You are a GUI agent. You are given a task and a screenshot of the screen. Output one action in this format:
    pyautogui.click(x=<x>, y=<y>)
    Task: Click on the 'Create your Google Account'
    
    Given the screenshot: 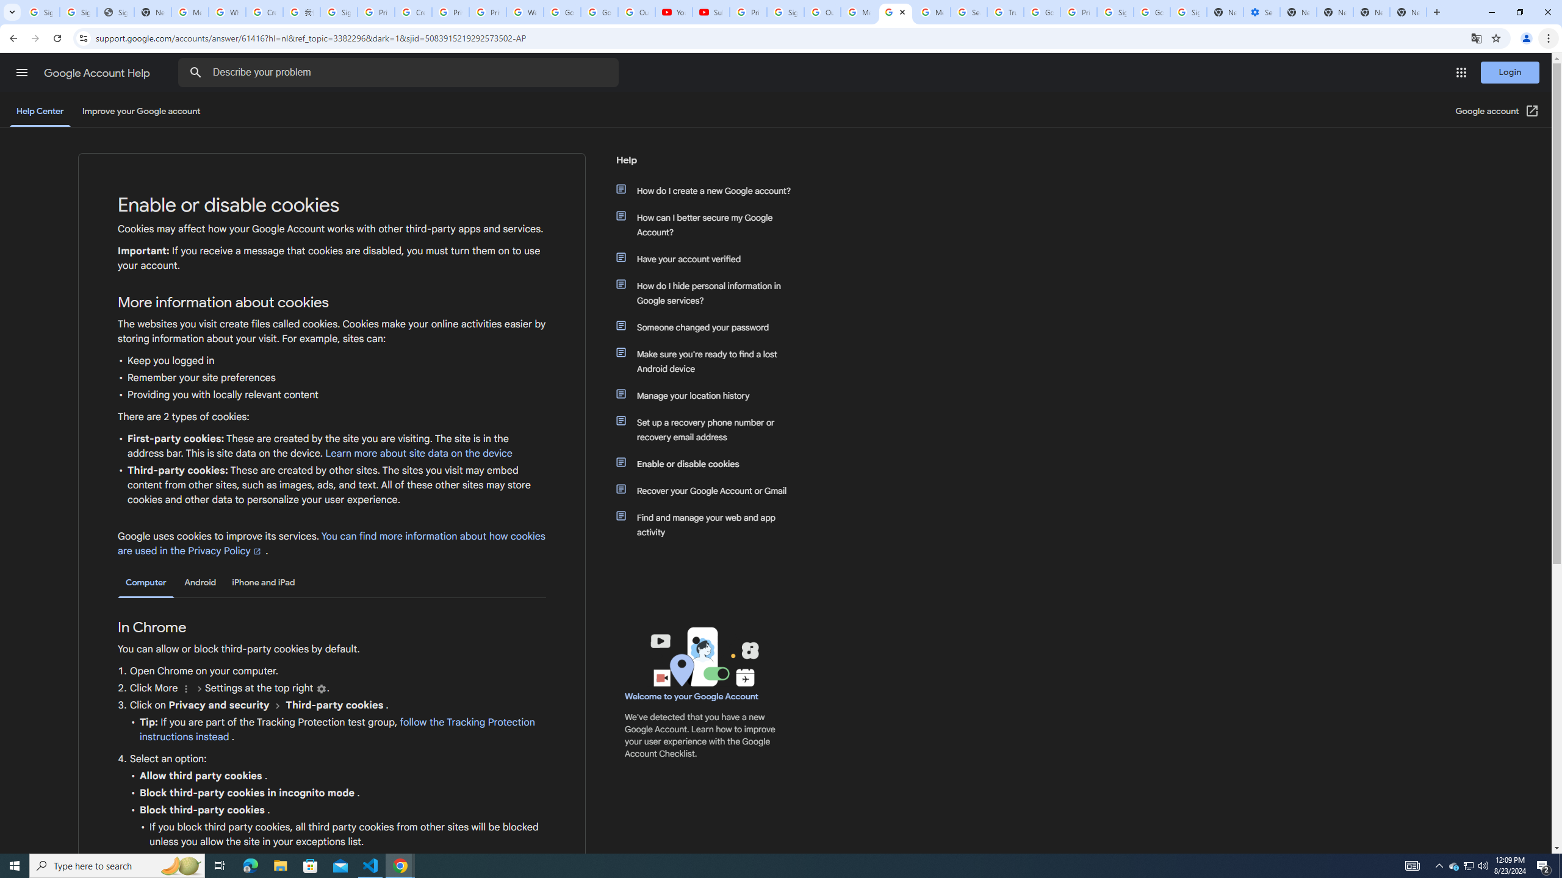 What is the action you would take?
    pyautogui.click(x=412, y=12)
    